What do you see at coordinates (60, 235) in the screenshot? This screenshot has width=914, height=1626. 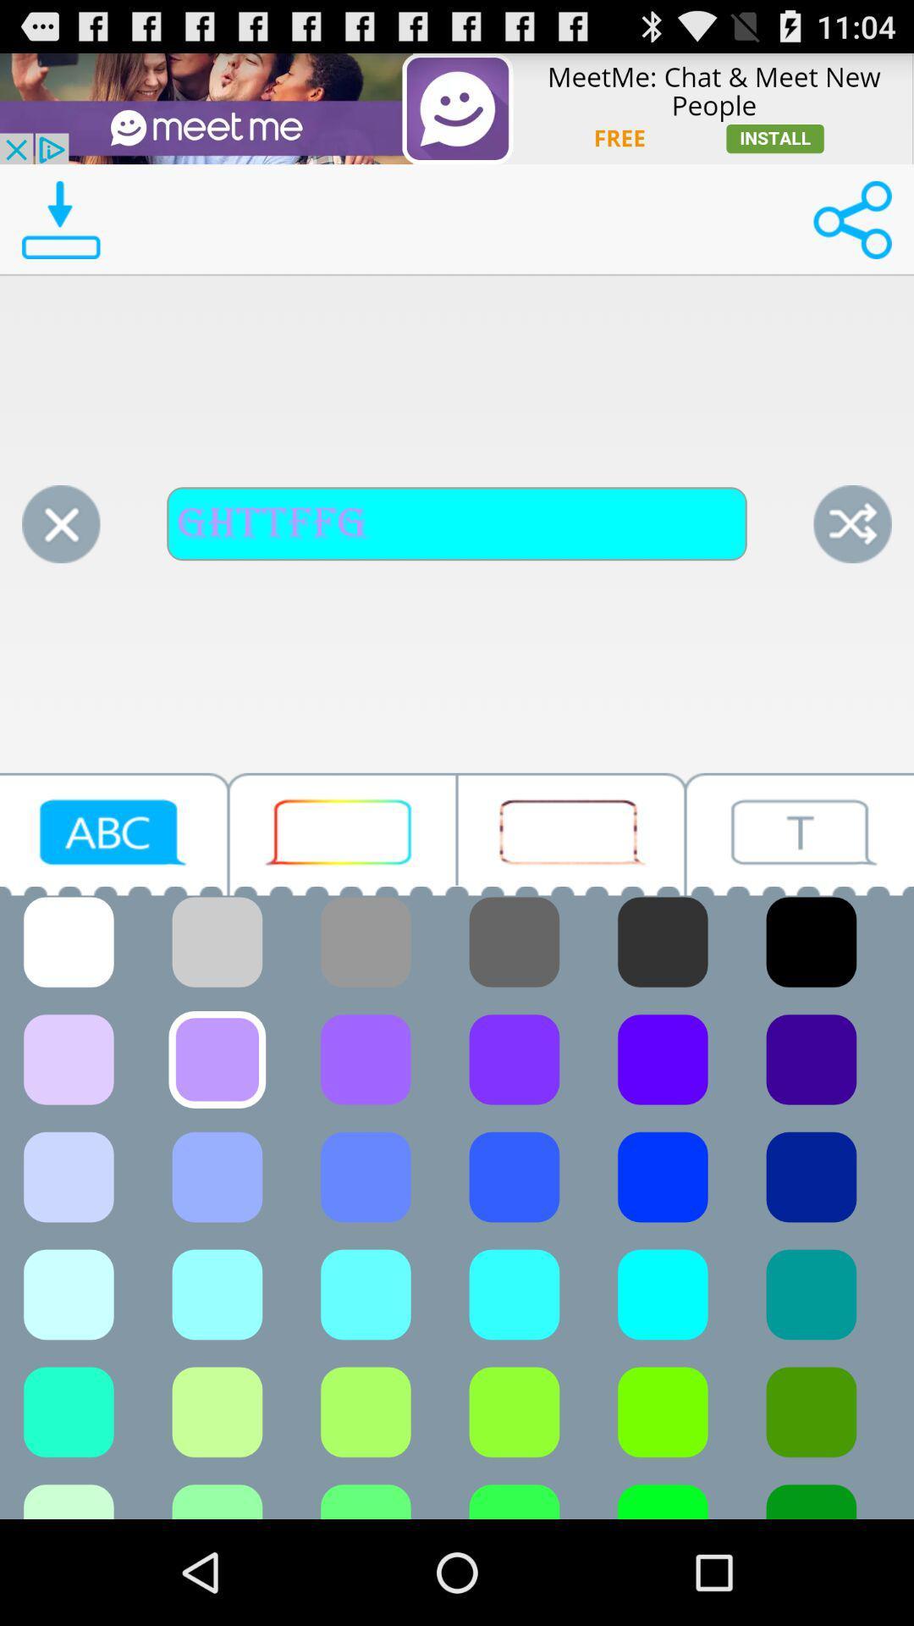 I see `the file_download icon` at bounding box center [60, 235].